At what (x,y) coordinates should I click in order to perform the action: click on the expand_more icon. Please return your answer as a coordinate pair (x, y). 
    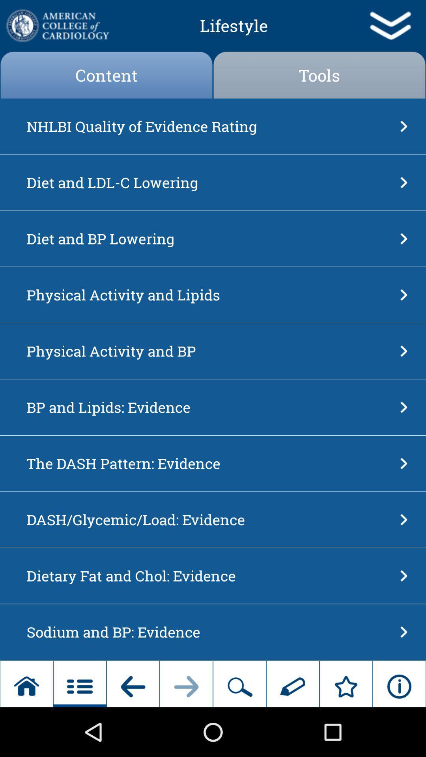
    Looking at the image, I should click on (389, 27).